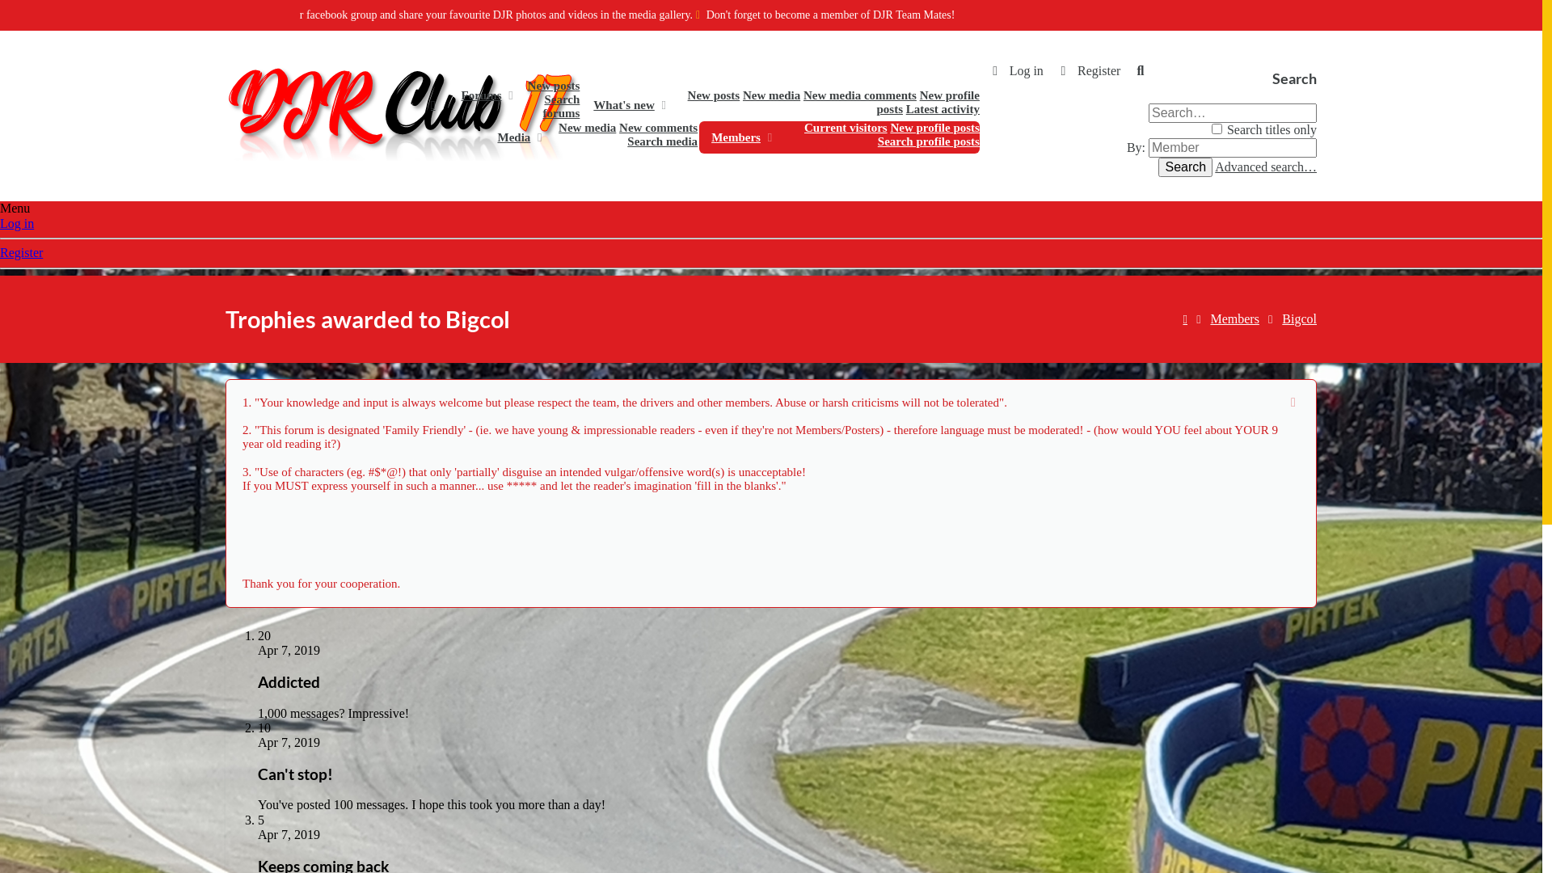 The image size is (1552, 873). Describe the element at coordinates (484, 136) in the screenshot. I see `'Media'` at that location.